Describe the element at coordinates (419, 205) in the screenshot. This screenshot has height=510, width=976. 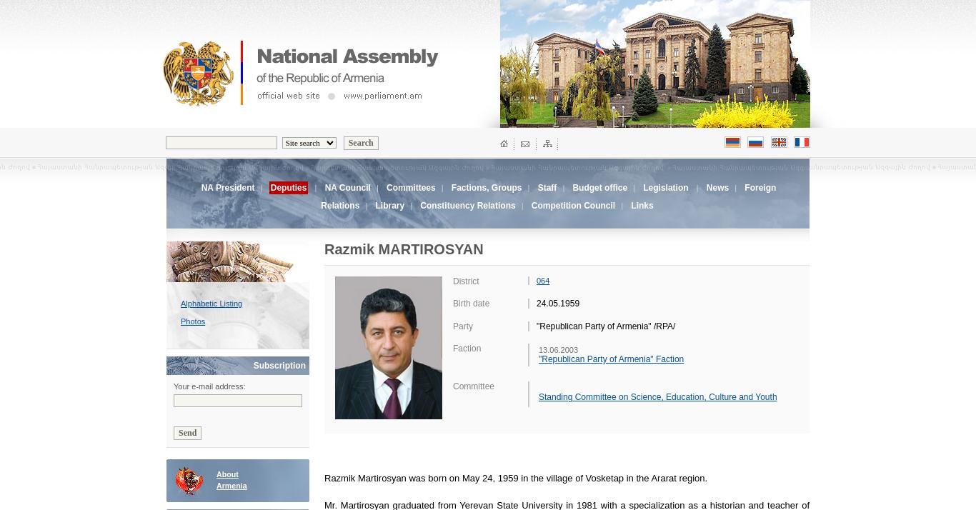
I see `'Constituency Relations'` at that location.